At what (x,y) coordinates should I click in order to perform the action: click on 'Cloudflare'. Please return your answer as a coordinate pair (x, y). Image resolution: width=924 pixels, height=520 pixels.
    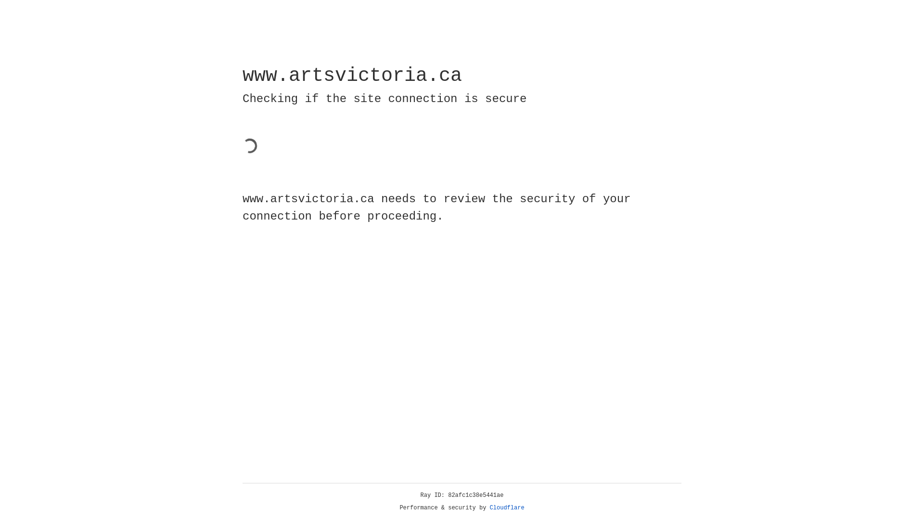
    Looking at the image, I should click on (507, 507).